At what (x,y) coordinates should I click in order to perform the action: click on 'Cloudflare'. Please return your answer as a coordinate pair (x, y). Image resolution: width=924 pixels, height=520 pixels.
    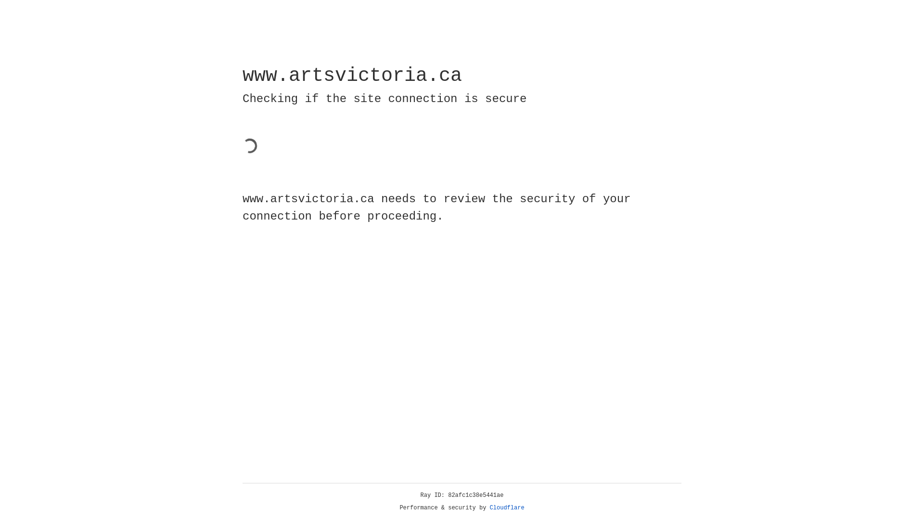
    Looking at the image, I should click on (507, 507).